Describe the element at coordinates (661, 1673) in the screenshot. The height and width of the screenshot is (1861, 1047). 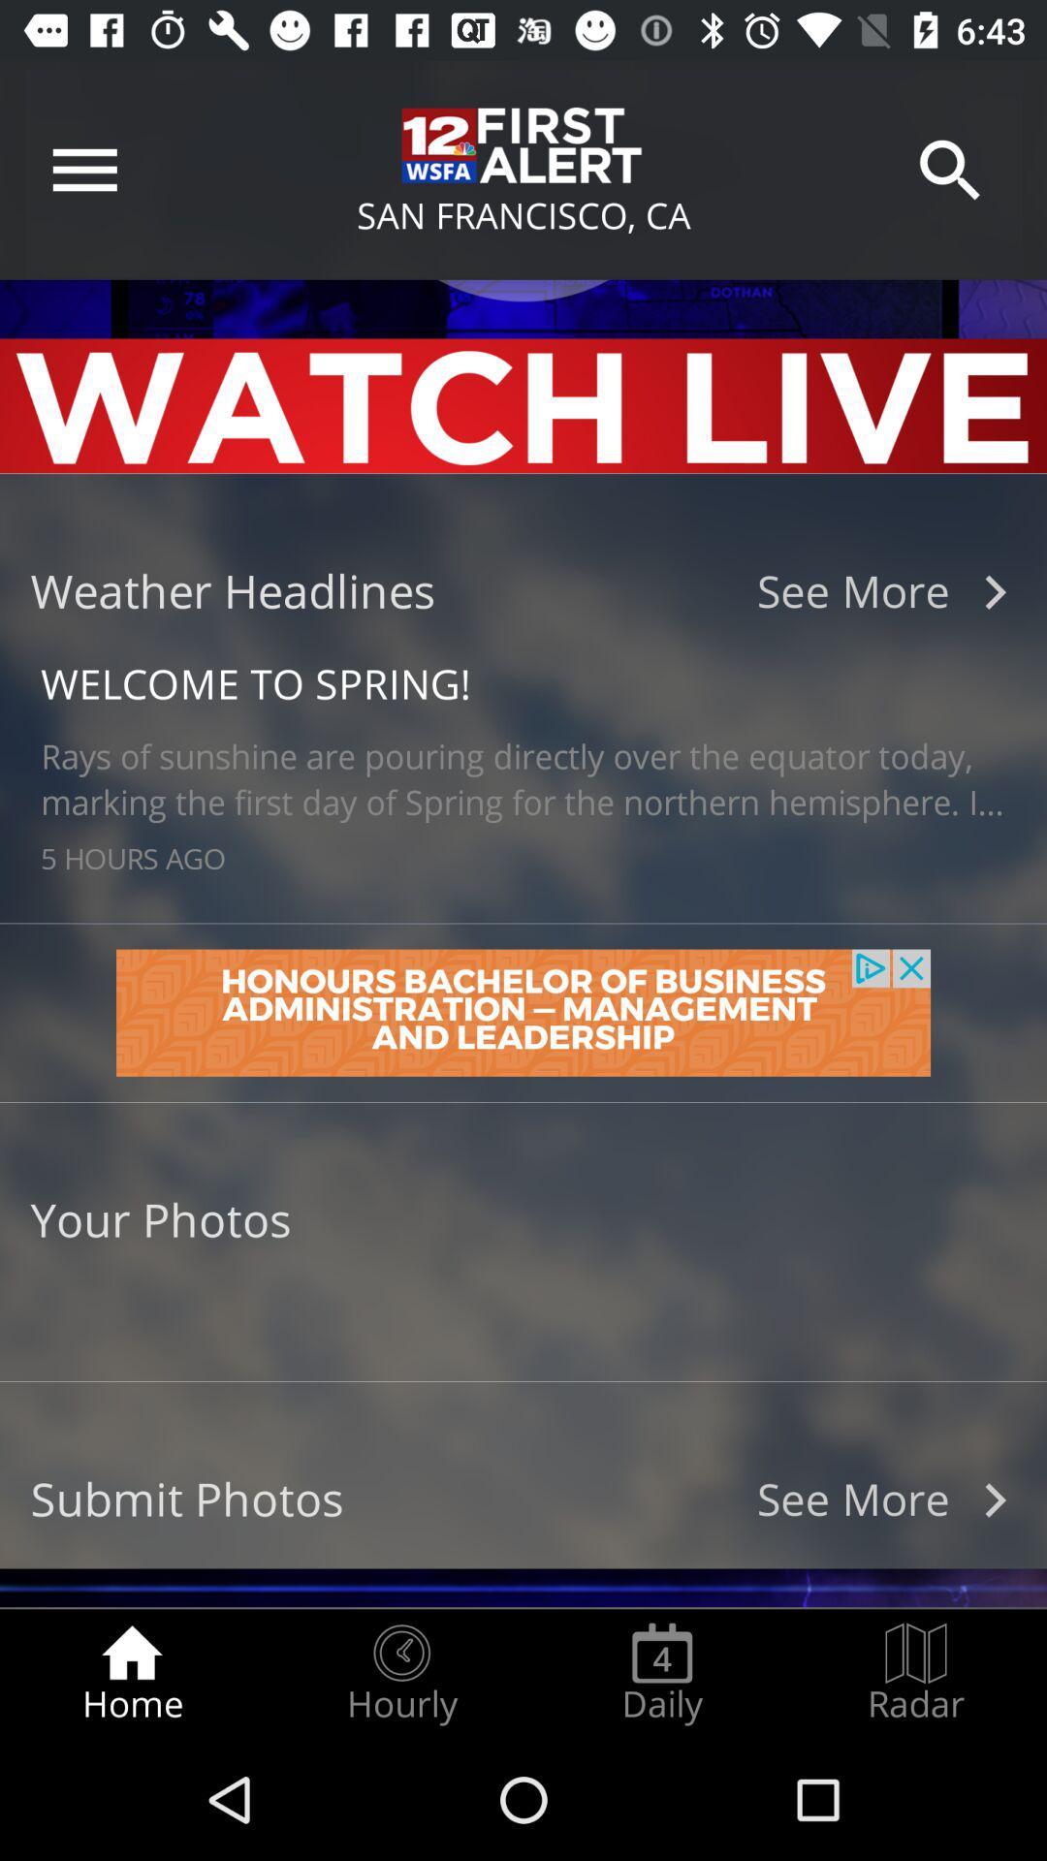
I see `the item to the right of the hourly radio button` at that location.